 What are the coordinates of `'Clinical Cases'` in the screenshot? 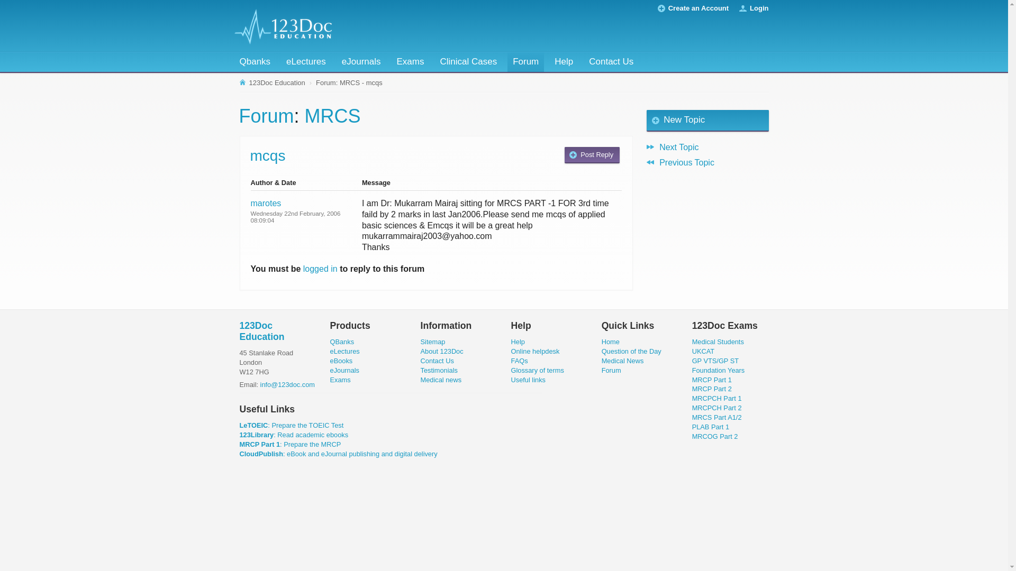 It's located at (467, 62).